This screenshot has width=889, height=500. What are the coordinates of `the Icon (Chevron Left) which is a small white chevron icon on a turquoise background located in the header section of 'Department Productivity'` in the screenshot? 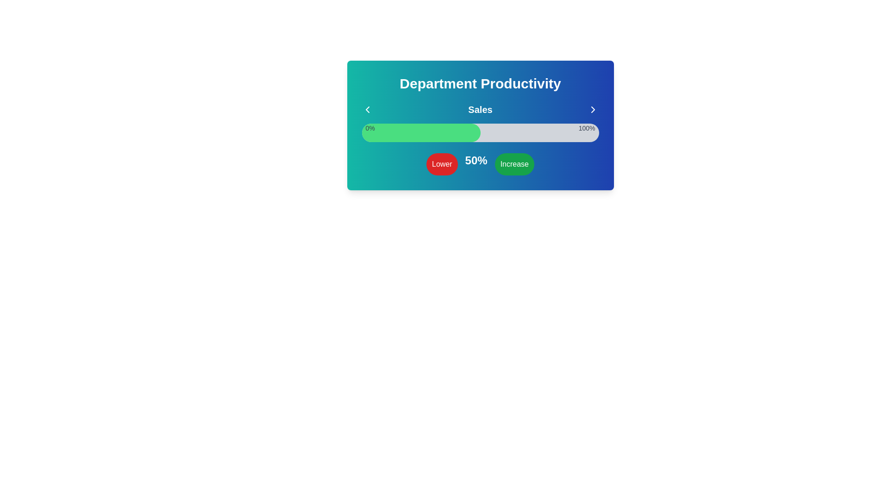 It's located at (367, 109).